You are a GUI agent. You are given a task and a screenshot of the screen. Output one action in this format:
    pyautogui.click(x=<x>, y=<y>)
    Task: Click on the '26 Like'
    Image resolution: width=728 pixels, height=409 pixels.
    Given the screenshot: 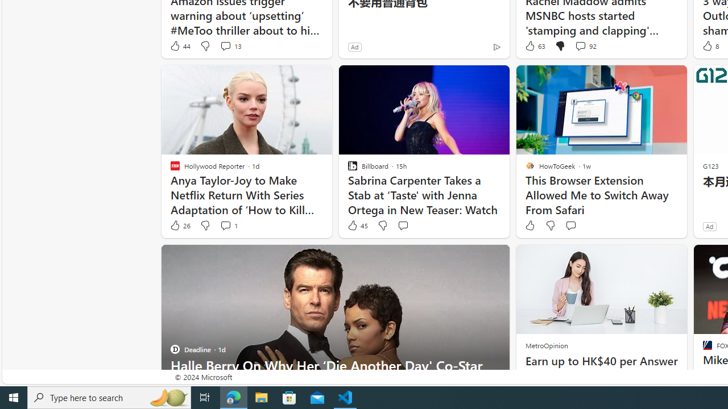 What is the action you would take?
    pyautogui.click(x=179, y=226)
    